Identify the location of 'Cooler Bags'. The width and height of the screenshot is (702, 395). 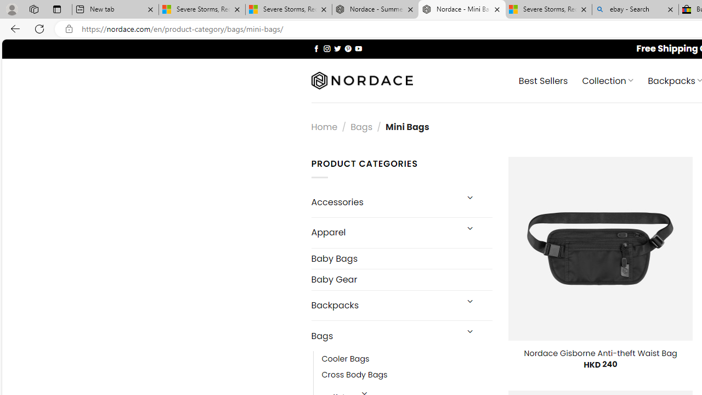
(345, 359).